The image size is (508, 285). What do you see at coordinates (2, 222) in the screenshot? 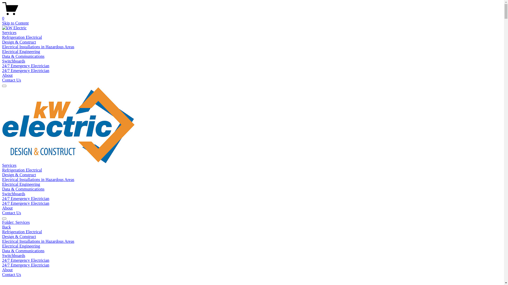
I see `'Folder: Services'` at bounding box center [2, 222].